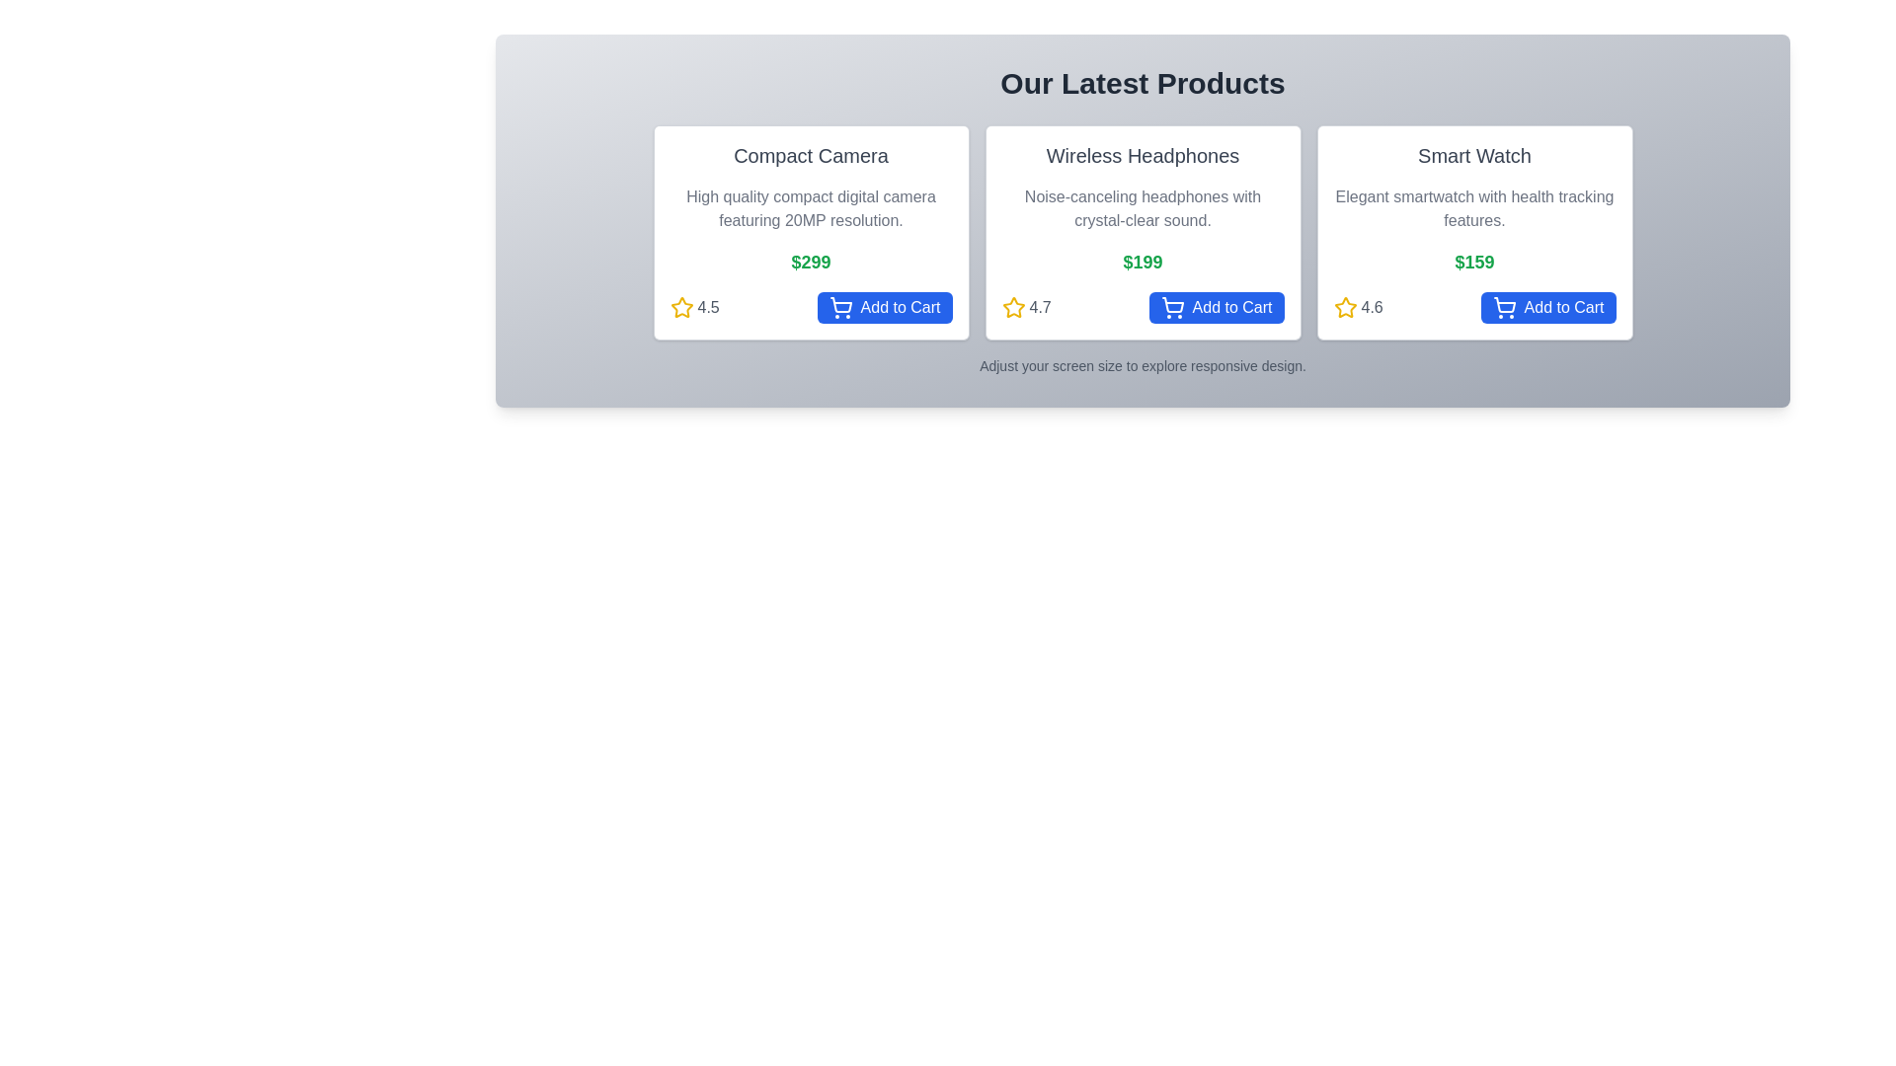 This screenshot has width=1896, height=1066. Describe the element at coordinates (811, 155) in the screenshot. I see `text label displaying 'Compact Camera', which is the title of a product card located at the top of the card on the left side of a horizontal list of cards` at that location.